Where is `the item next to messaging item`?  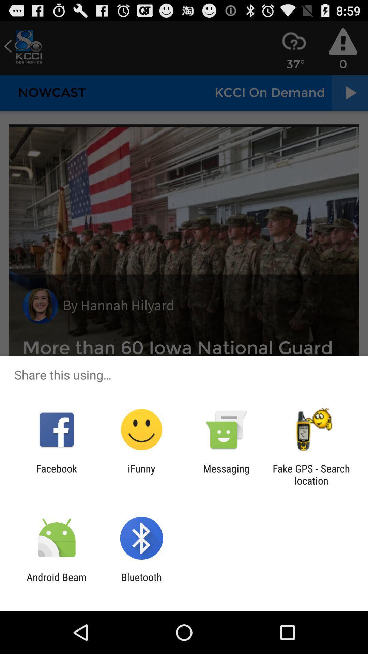
the item next to messaging item is located at coordinates (141, 474).